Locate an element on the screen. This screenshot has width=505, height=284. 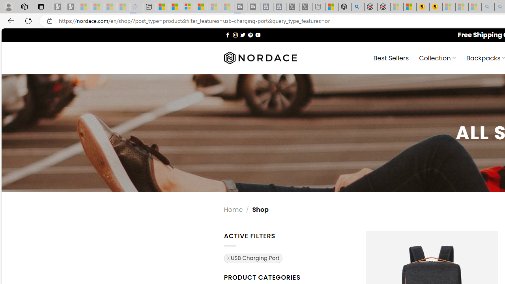
'amazon - Search - Sleeping' is located at coordinates (488, 7).